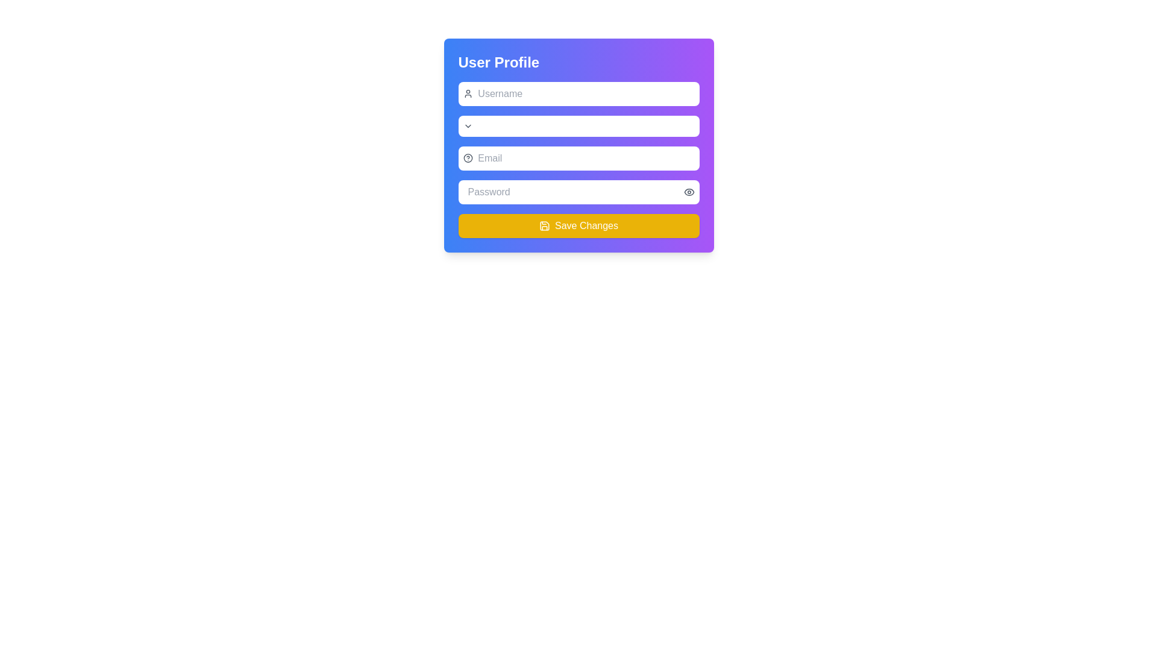  I want to click on the circular gray icon containing a question mark, which is located to the left of the email input field, so click(467, 157).